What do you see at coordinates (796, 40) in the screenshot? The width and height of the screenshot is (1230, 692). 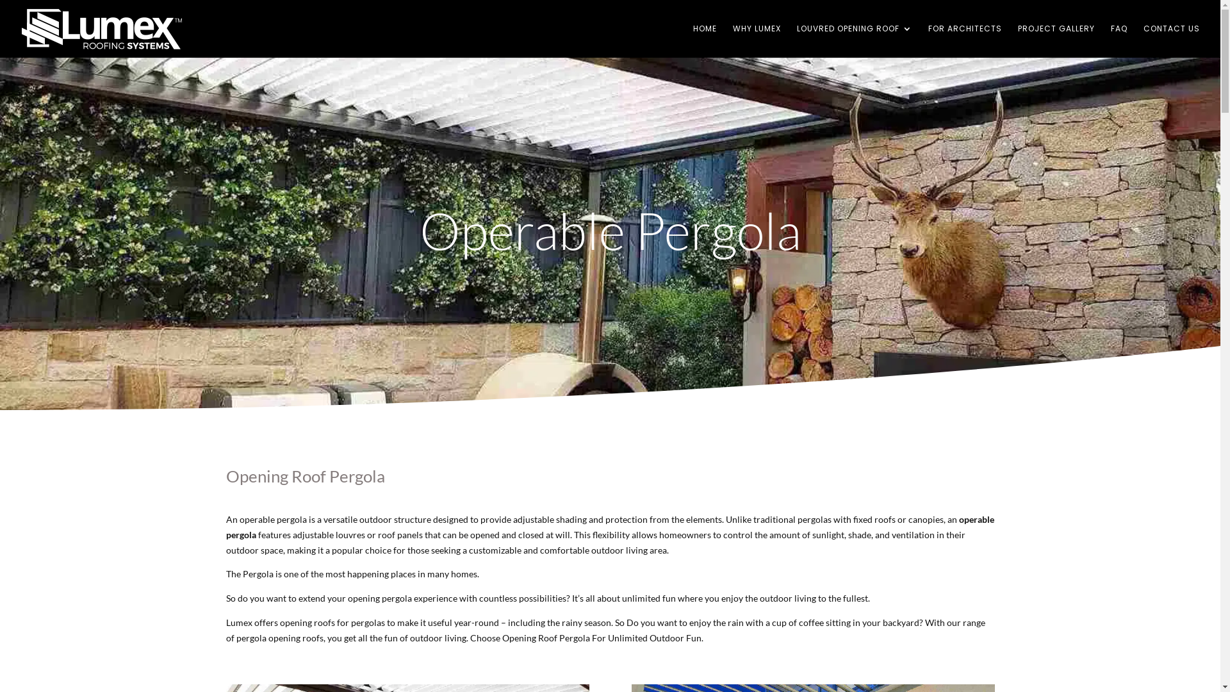 I see `'LOUVRED OPENING ROOF'` at bounding box center [796, 40].